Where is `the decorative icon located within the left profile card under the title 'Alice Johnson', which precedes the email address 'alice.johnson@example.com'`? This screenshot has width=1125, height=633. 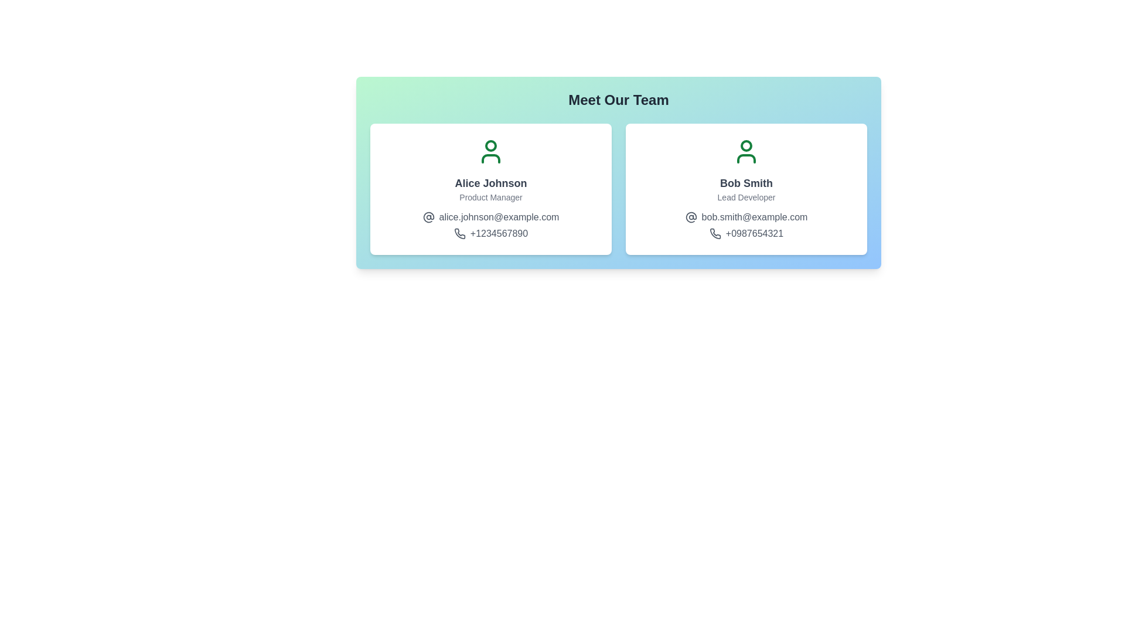 the decorative icon located within the left profile card under the title 'Alice Johnson', which precedes the email address 'alice.johnson@example.com' is located at coordinates (428, 217).